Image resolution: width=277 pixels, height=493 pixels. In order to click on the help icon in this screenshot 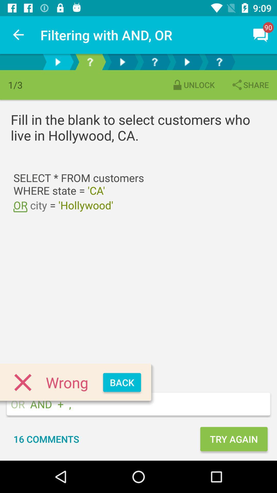, I will do `click(219, 62)`.